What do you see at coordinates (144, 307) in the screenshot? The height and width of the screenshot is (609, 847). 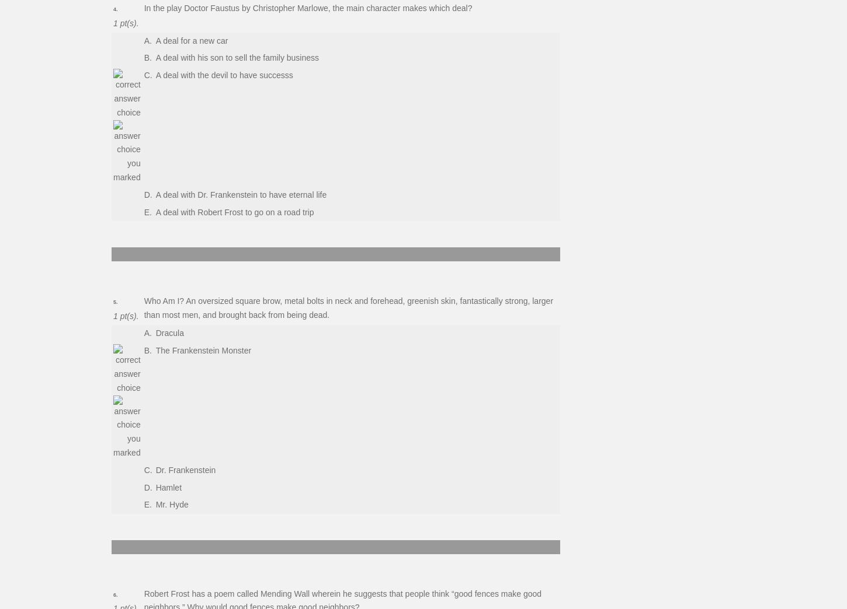 I see `'Who Am I? An oversized square brow, metal bolts in neck and forehead, greenish skin, fantastically strong, larger than most men, and brought back from being dead.'` at bounding box center [144, 307].